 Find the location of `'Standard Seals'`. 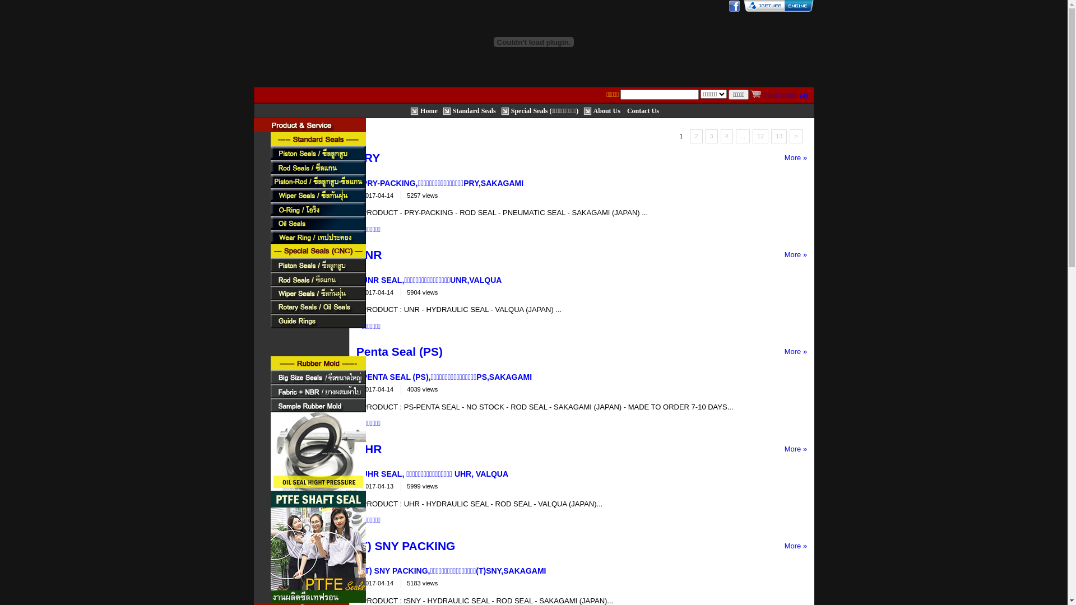

'Standard Seals' is located at coordinates (317, 138).